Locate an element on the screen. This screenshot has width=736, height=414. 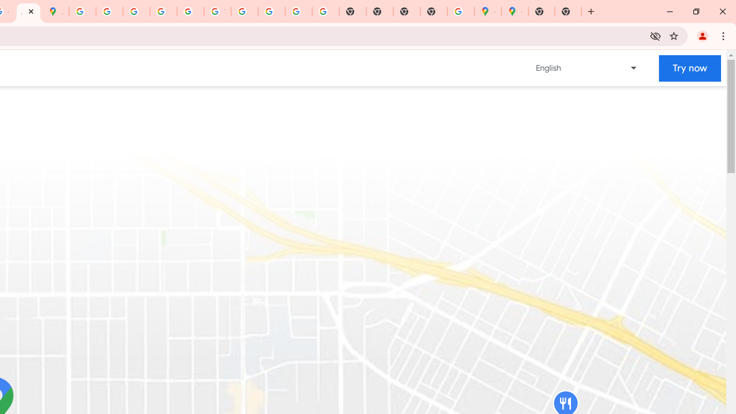
'Privacy Help Center - Policies Help' is located at coordinates (109, 11).